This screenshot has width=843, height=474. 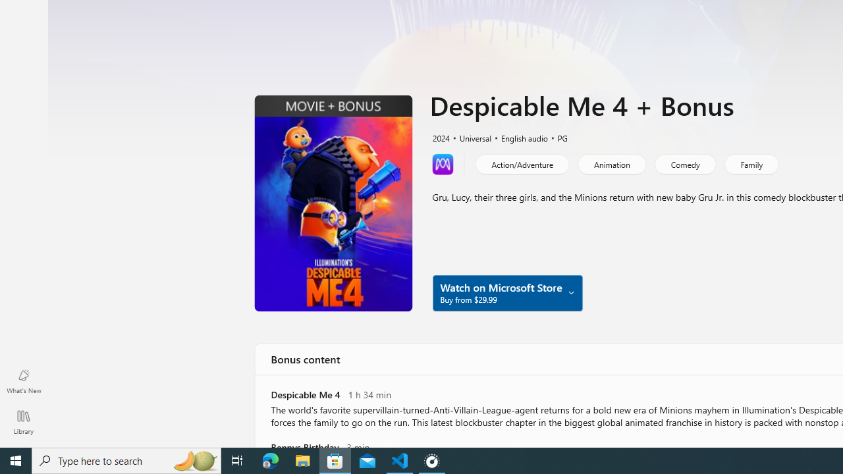 What do you see at coordinates (521, 163) in the screenshot?
I see `'Action/Adventure'` at bounding box center [521, 163].